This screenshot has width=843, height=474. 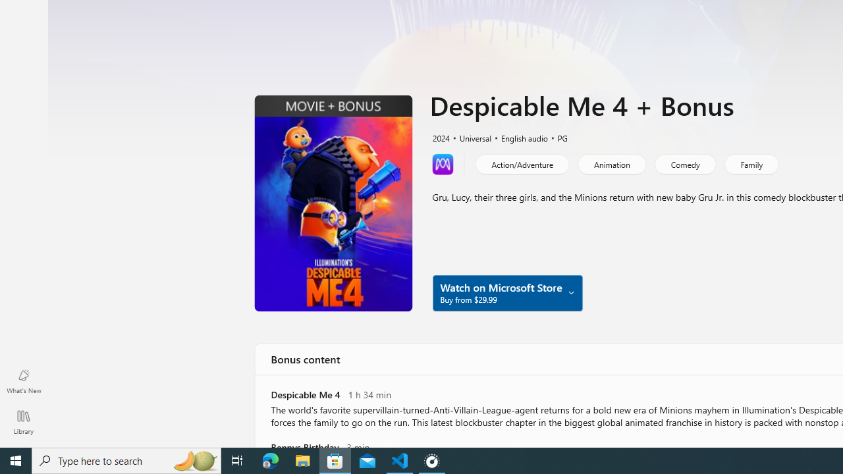 What do you see at coordinates (521, 163) in the screenshot?
I see `'Action/Adventure'` at bounding box center [521, 163].